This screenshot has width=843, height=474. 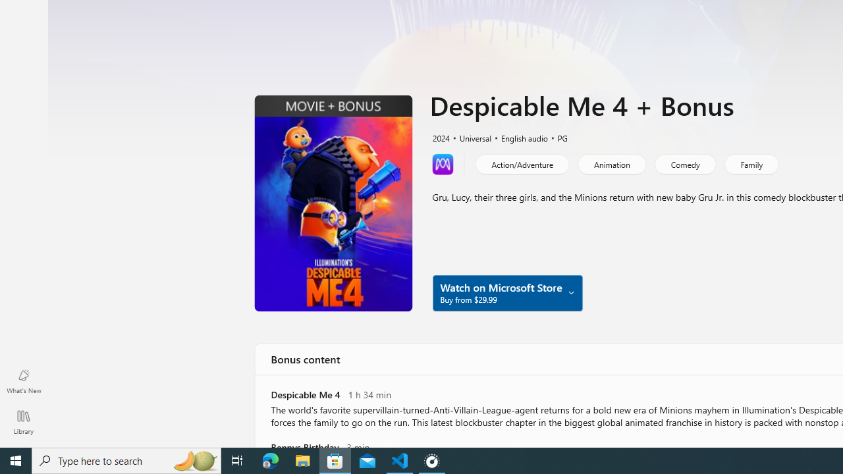 What do you see at coordinates (521, 163) in the screenshot?
I see `'Action/Adventure'` at bounding box center [521, 163].